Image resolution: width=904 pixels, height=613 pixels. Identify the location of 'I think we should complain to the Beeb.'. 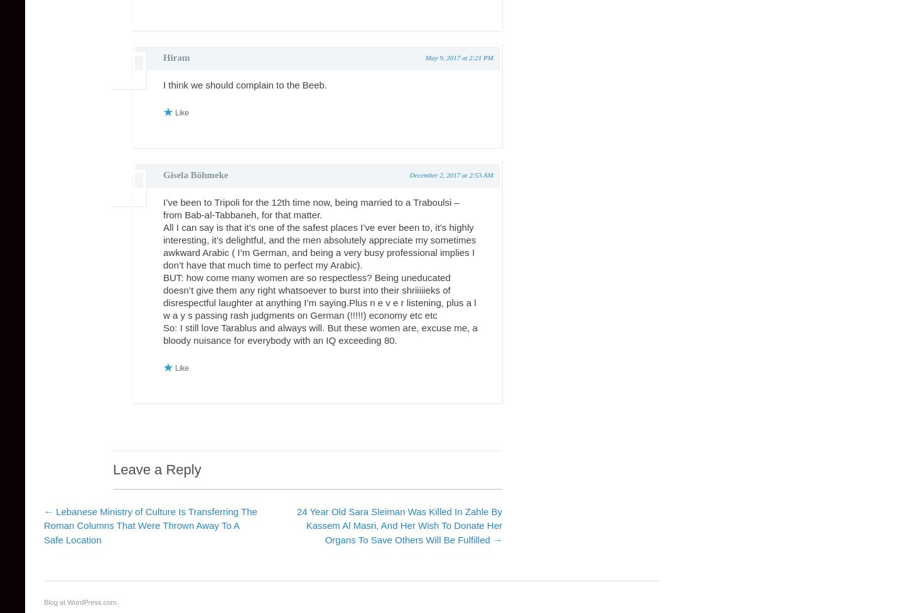
(244, 85).